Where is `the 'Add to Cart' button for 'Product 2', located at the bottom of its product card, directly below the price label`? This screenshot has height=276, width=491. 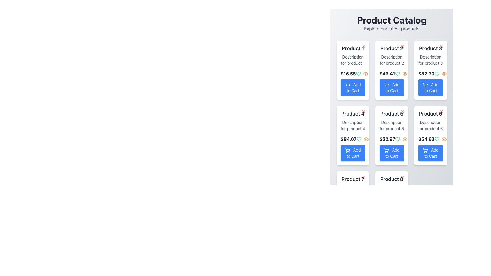
the 'Add to Cart' button for 'Product 2', located at the bottom of its product card, directly below the price label is located at coordinates (391, 87).